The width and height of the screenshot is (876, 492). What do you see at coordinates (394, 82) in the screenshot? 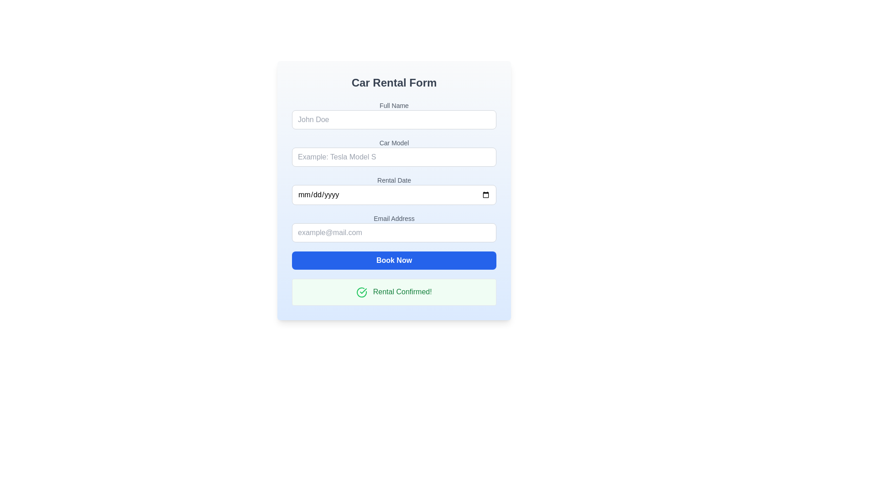
I see `text of the header that identifies the purpose of the car rental form, which is located at the top of the 'Car Rental Form' section, centered horizontally` at bounding box center [394, 82].